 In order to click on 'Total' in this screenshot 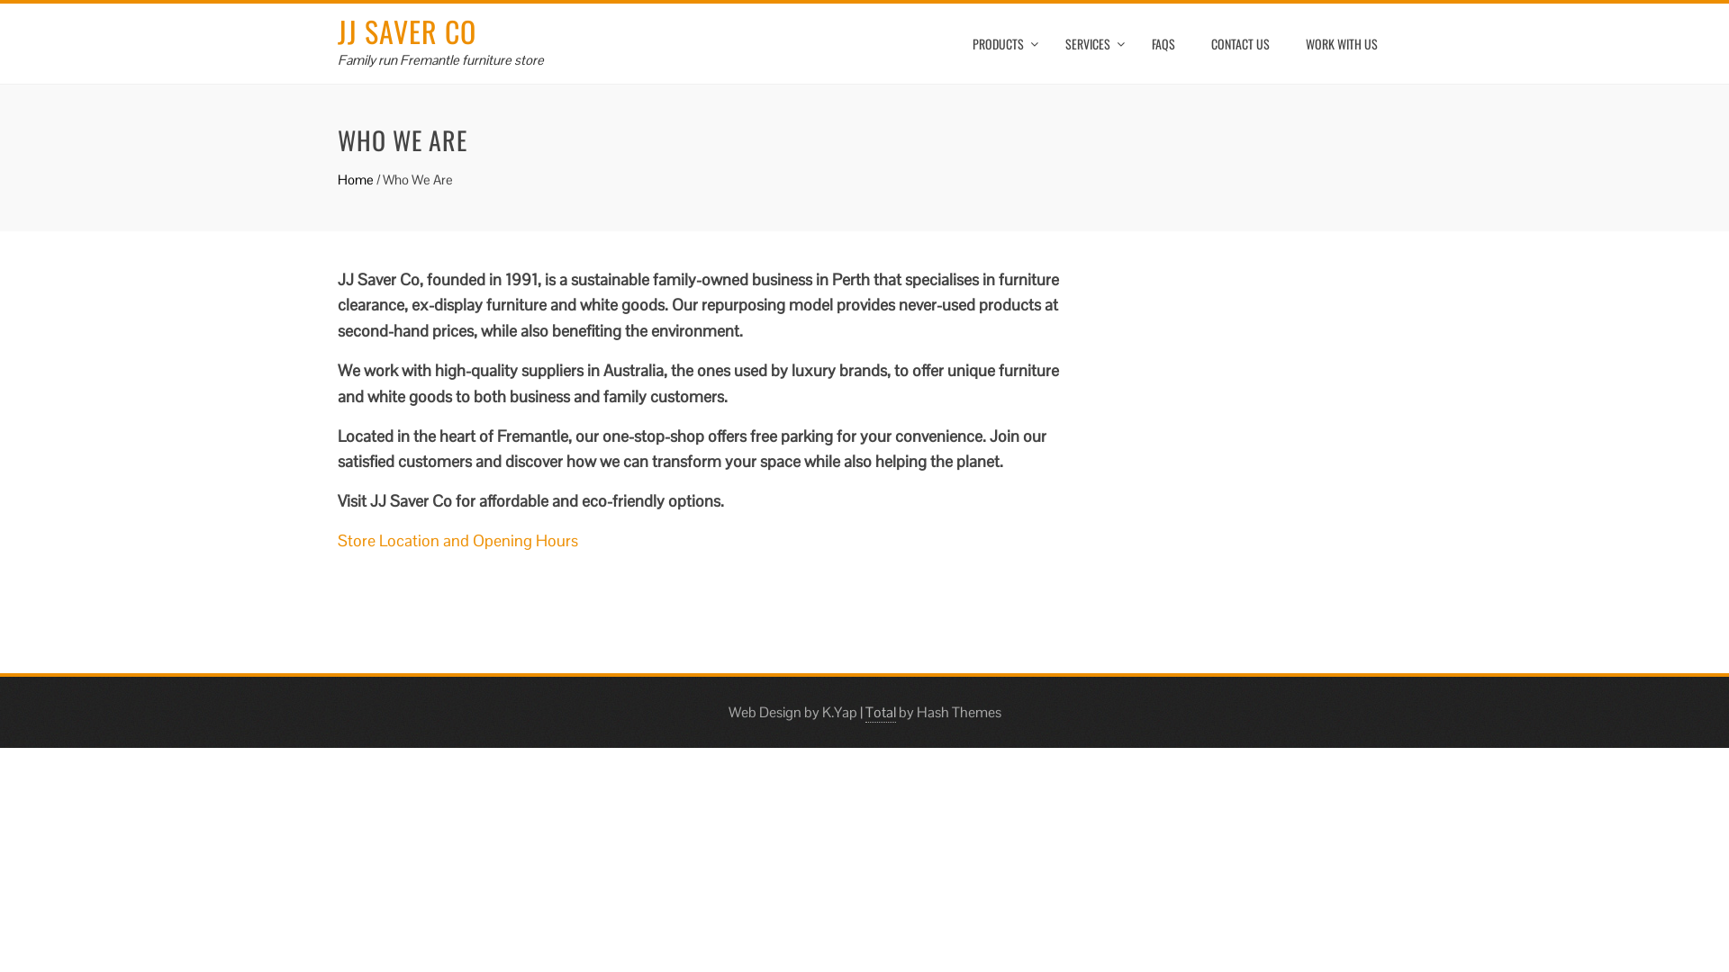, I will do `click(864, 711)`.